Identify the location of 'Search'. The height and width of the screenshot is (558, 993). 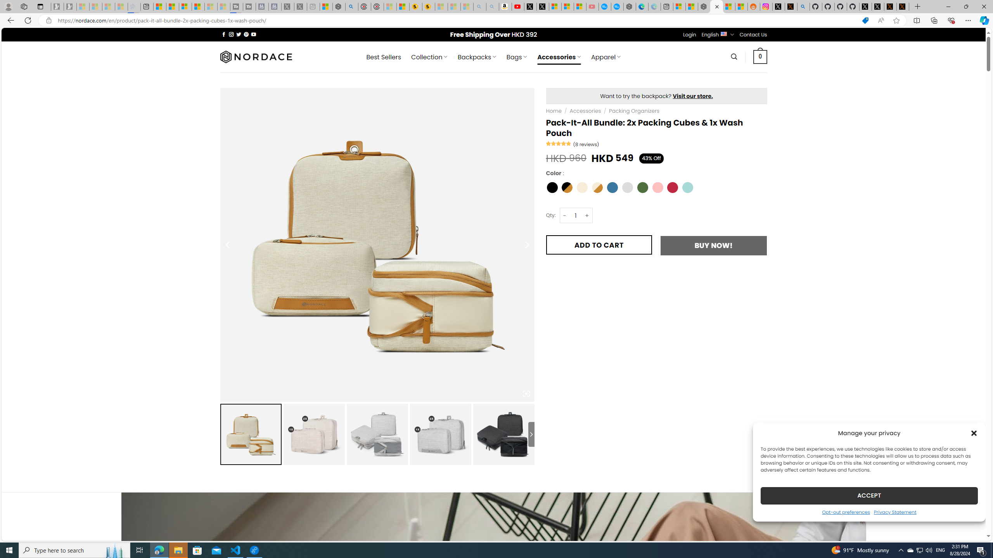
(734, 56).